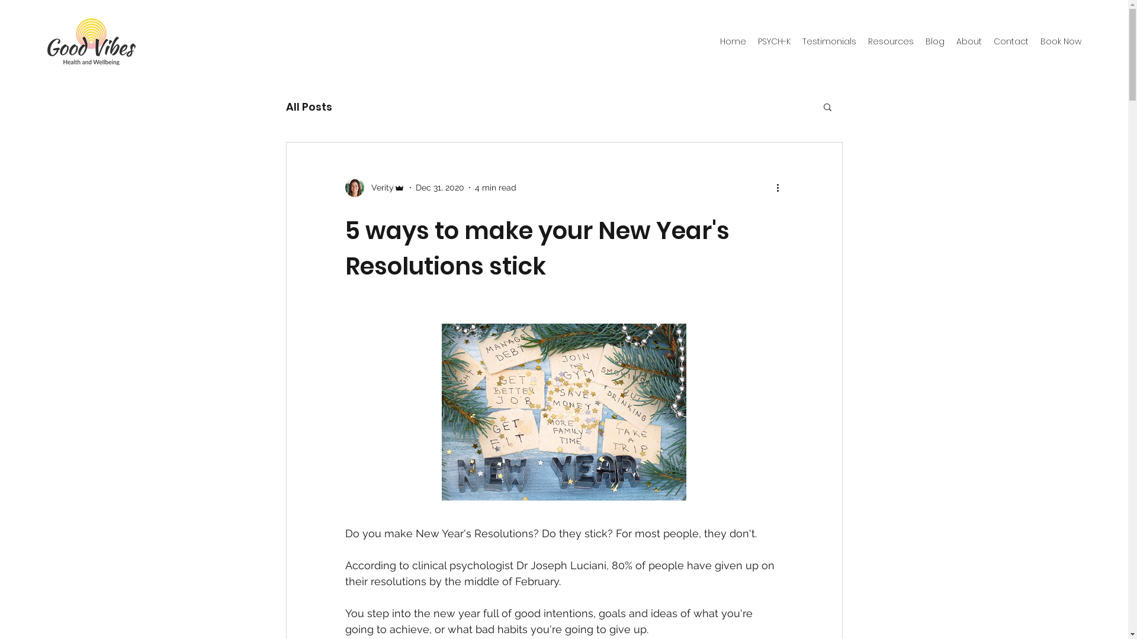 This screenshot has height=639, width=1137. I want to click on 'PSYCH-K', so click(774, 41).